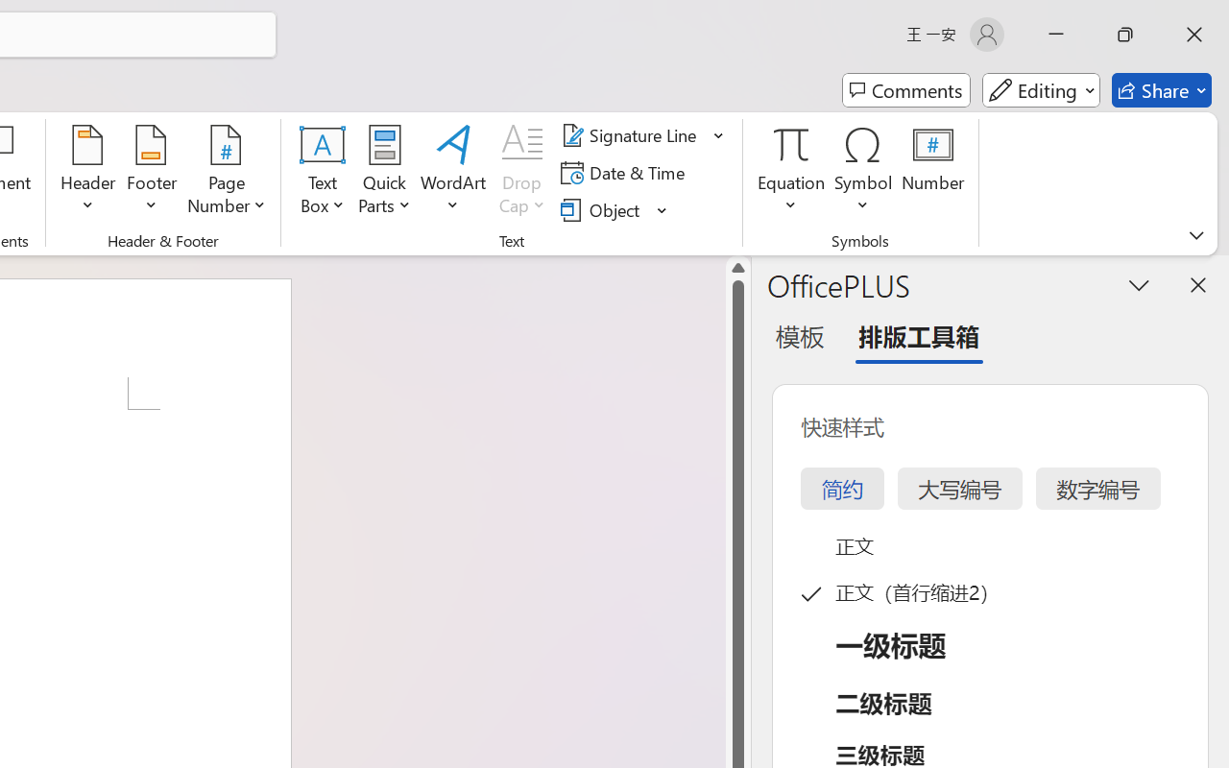  What do you see at coordinates (614, 209) in the screenshot?
I see `'Object...'` at bounding box center [614, 209].